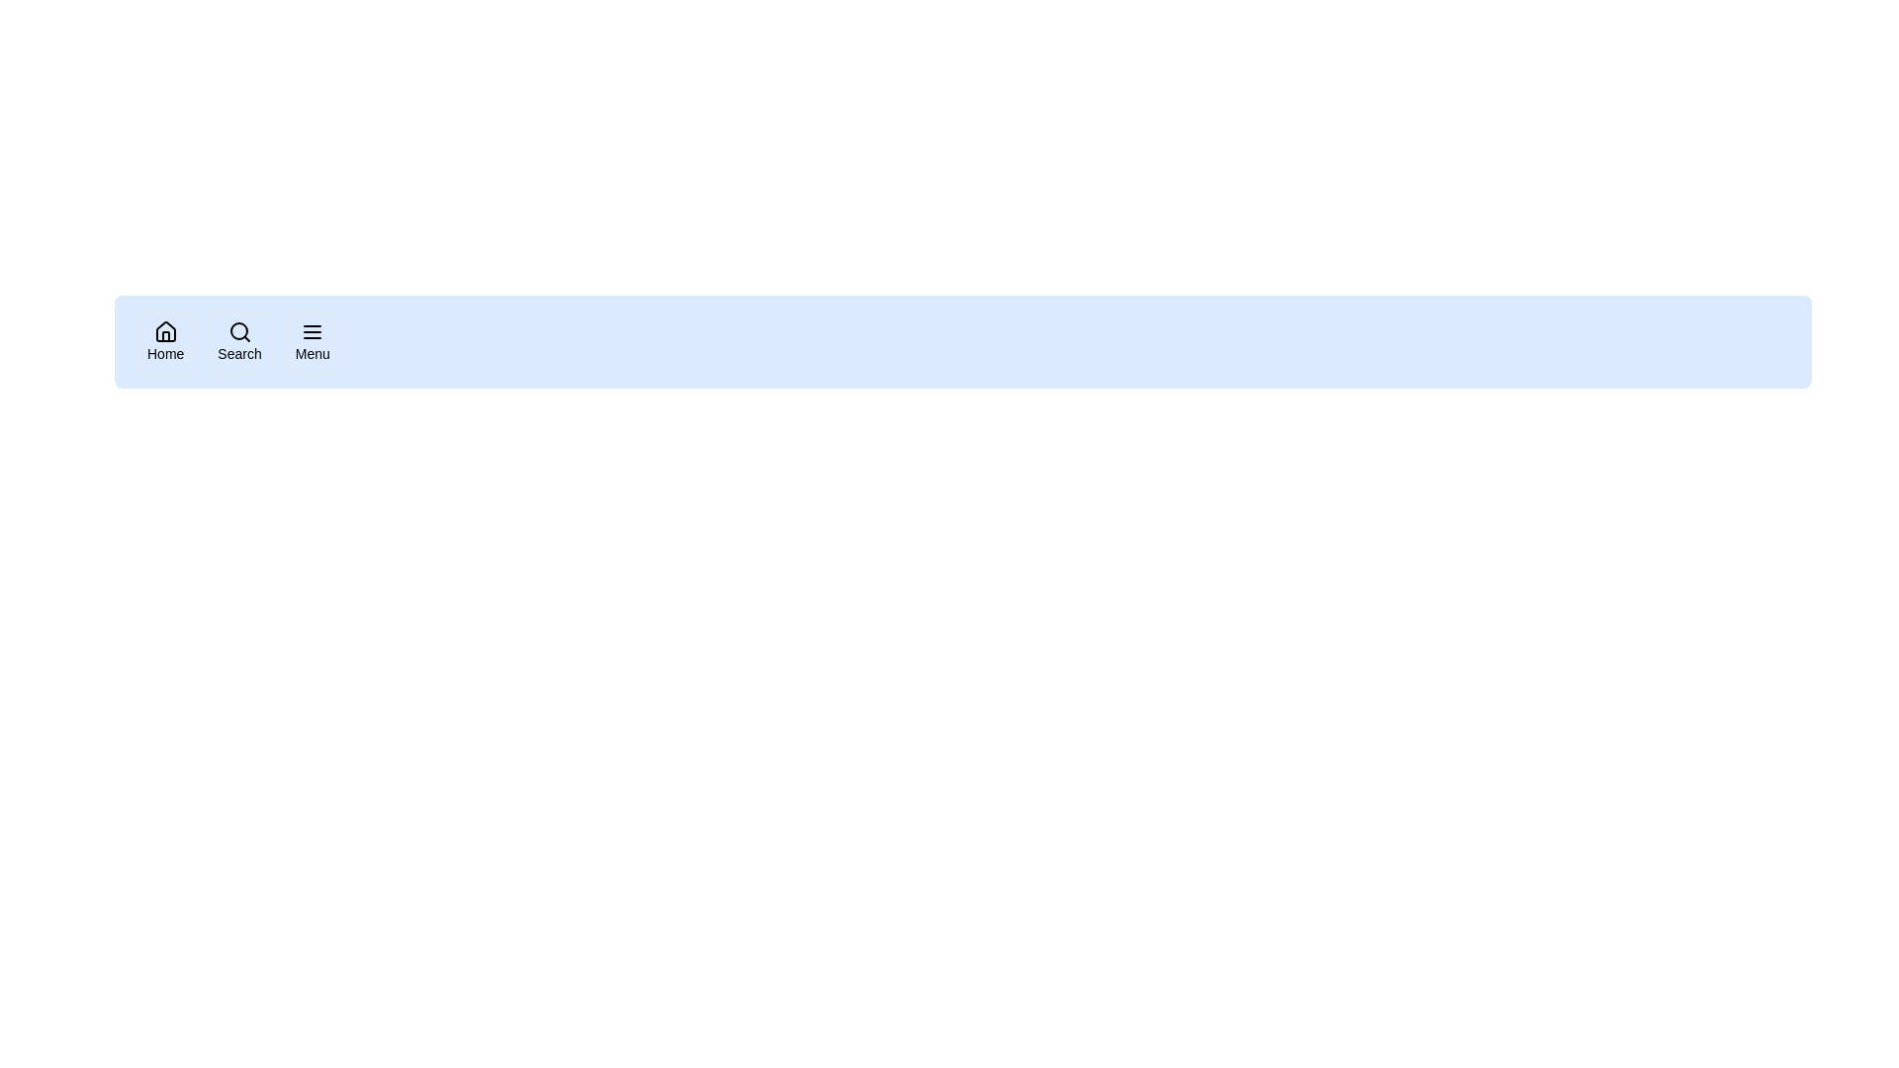 The image size is (1899, 1068). Describe the element at coordinates (312, 330) in the screenshot. I see `the menu toggle button, which is the third icon from the left in the navigation bar` at that location.